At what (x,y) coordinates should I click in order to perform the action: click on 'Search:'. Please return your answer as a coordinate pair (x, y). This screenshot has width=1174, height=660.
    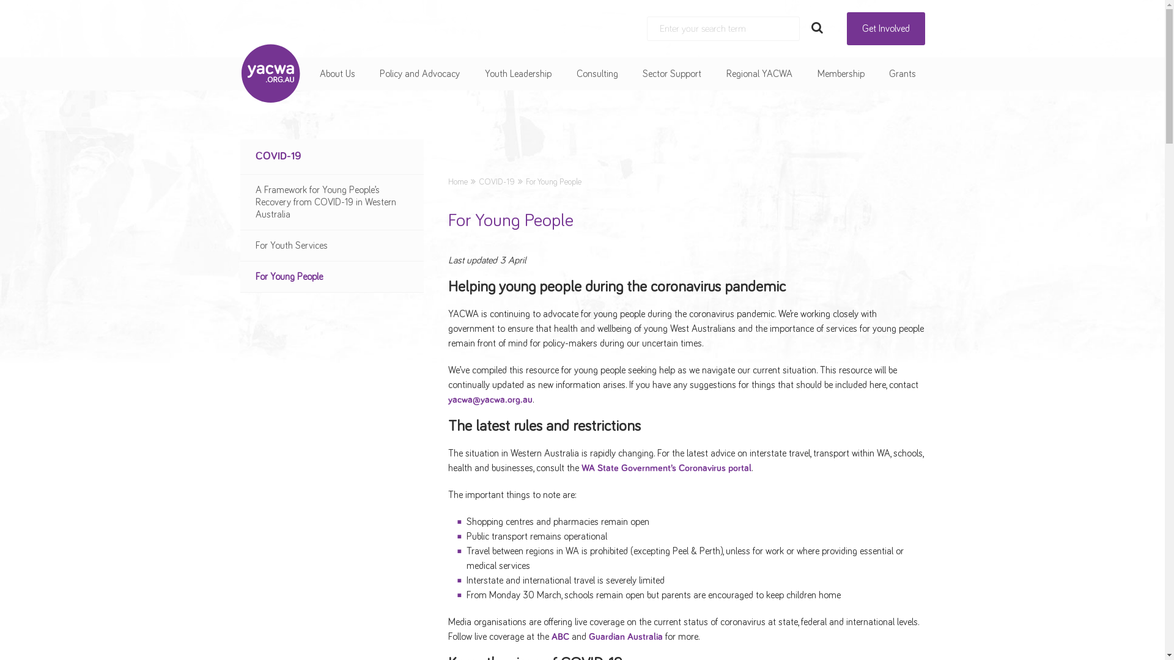
    Looking at the image, I should click on (723, 28).